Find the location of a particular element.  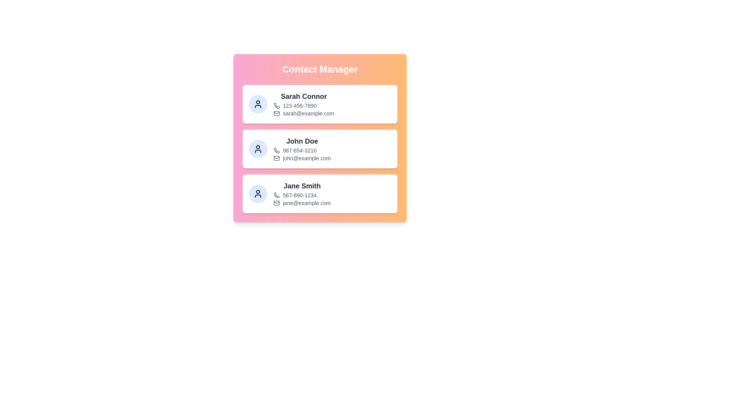

the avatar of the contact specified by John Doe is located at coordinates (258, 149).